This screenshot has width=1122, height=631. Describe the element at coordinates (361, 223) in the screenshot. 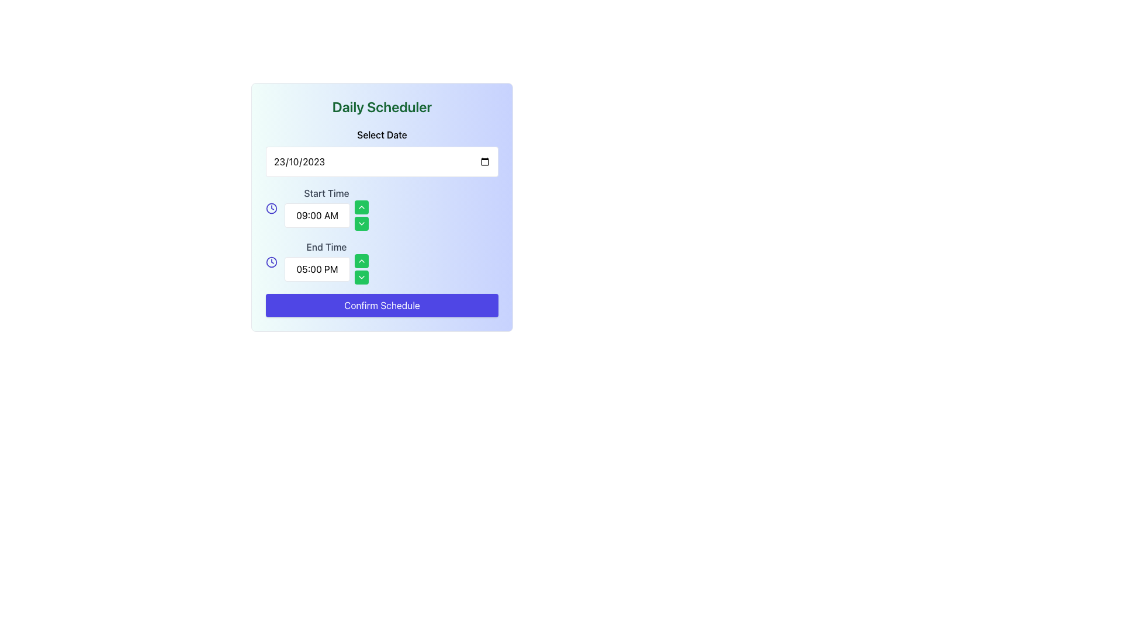

I see `the downward-facing chevron icon within the green circular button located below the upward-facing chevron icon in the 'Start Time' dropdown` at that location.